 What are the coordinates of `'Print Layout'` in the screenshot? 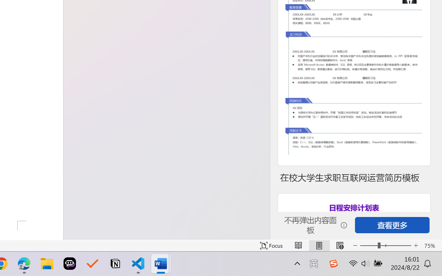 It's located at (319, 245).